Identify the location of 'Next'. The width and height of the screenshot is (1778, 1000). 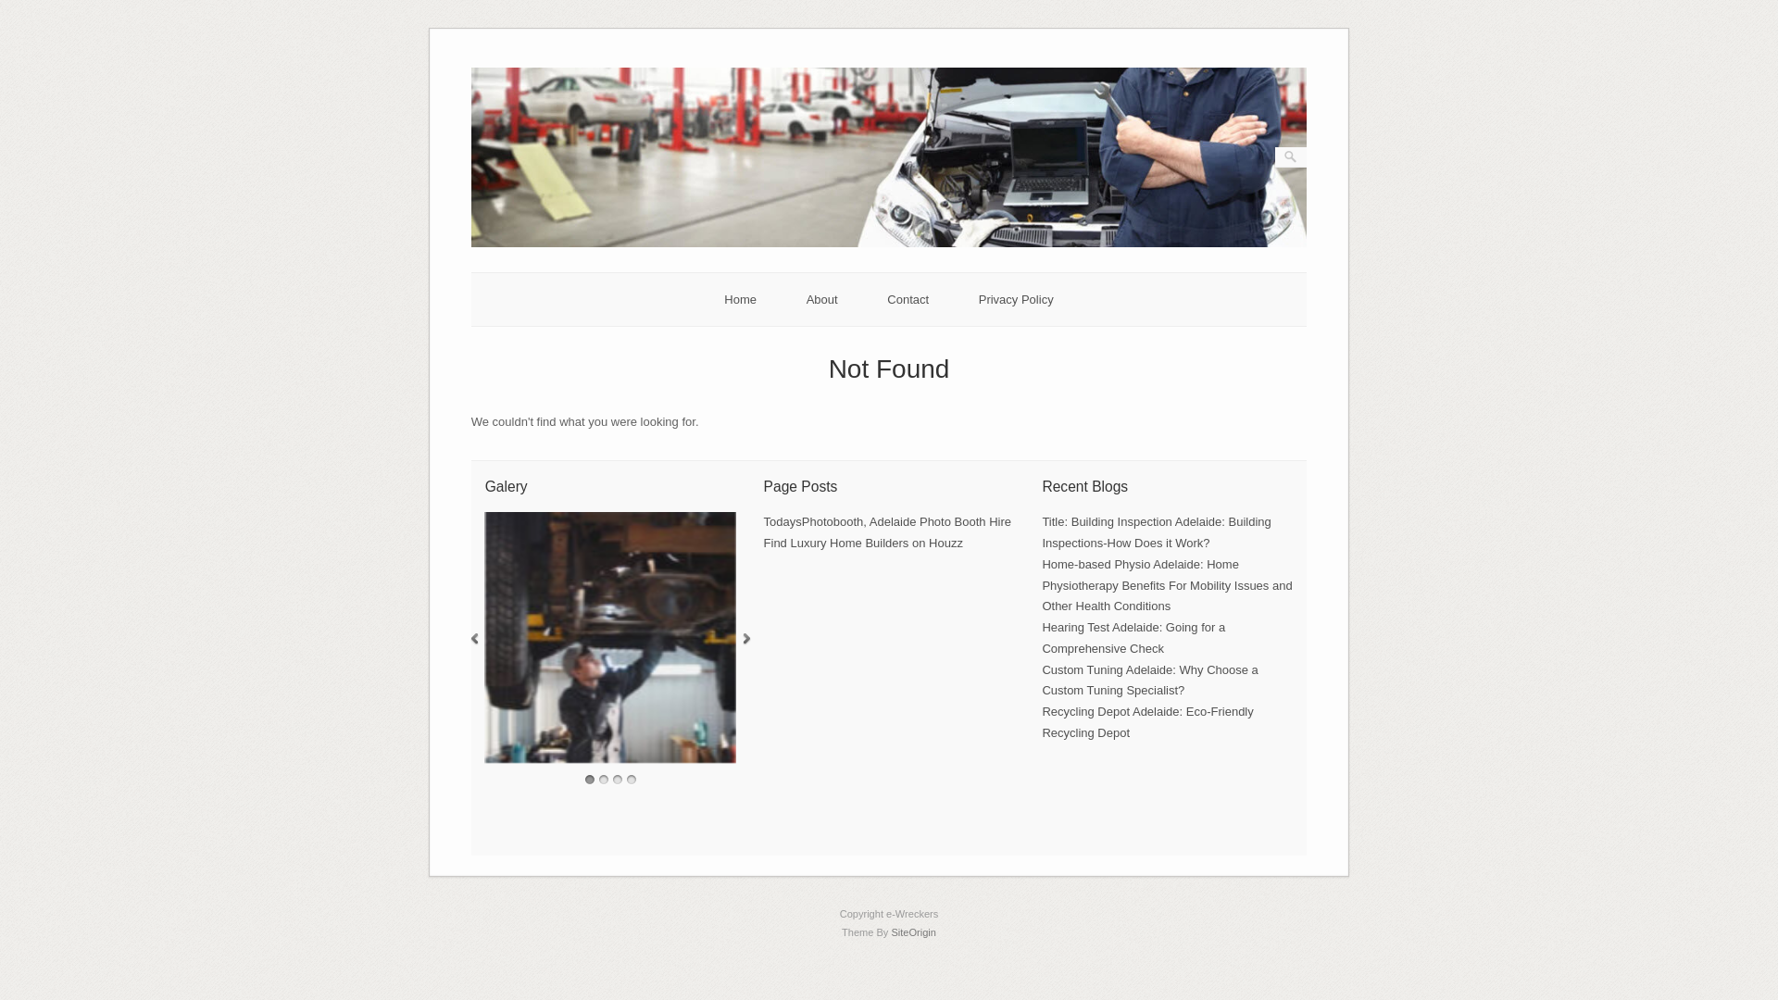
(746, 638).